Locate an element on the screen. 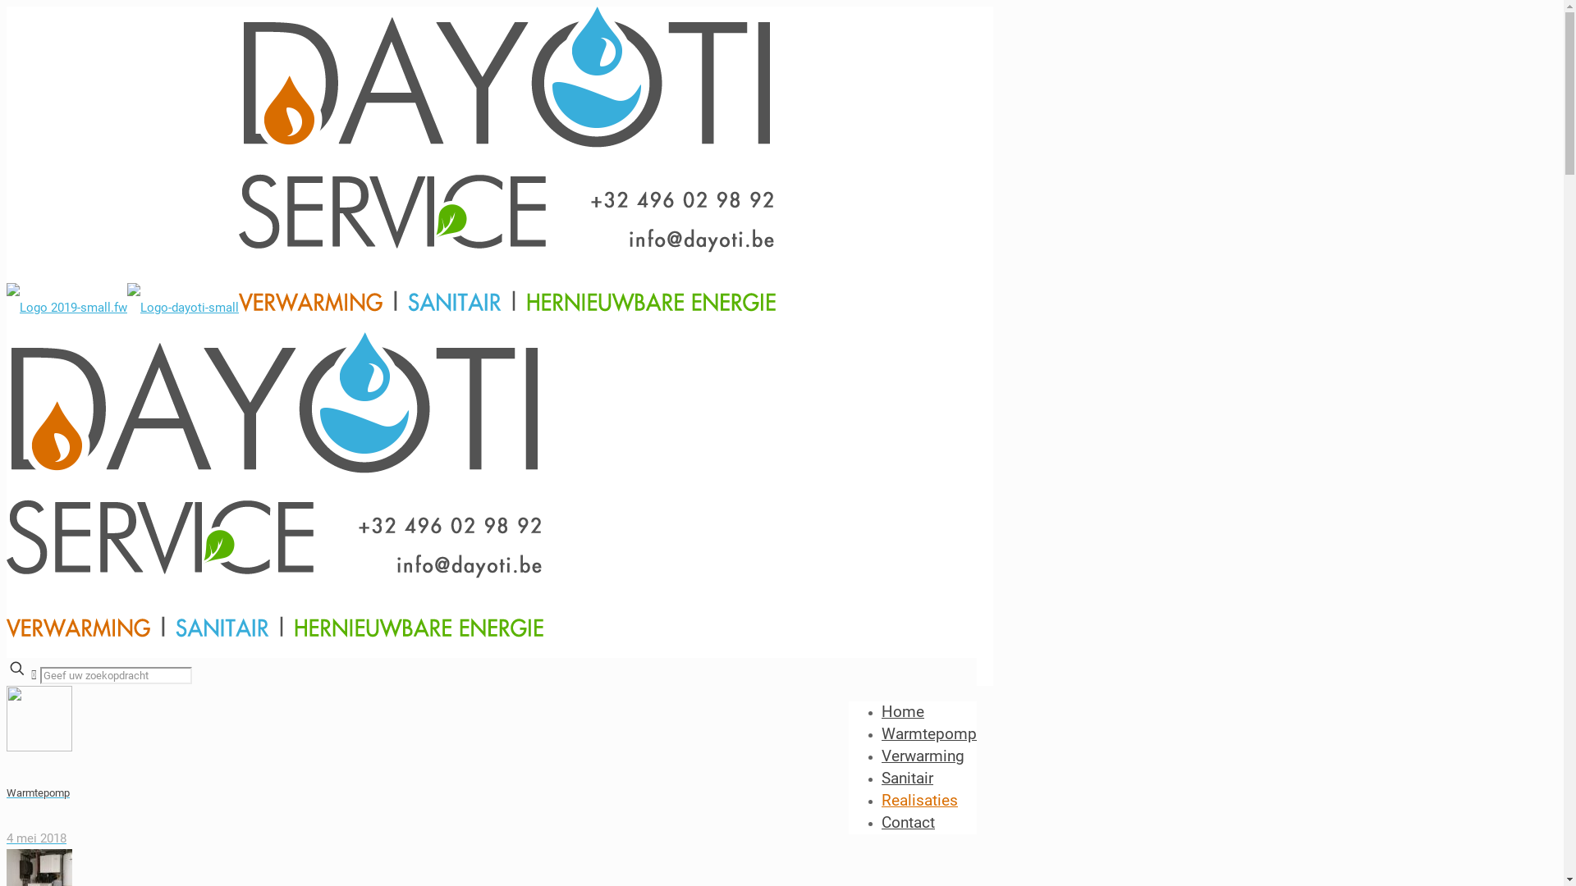  'Warmtepomp' is located at coordinates (929, 733).